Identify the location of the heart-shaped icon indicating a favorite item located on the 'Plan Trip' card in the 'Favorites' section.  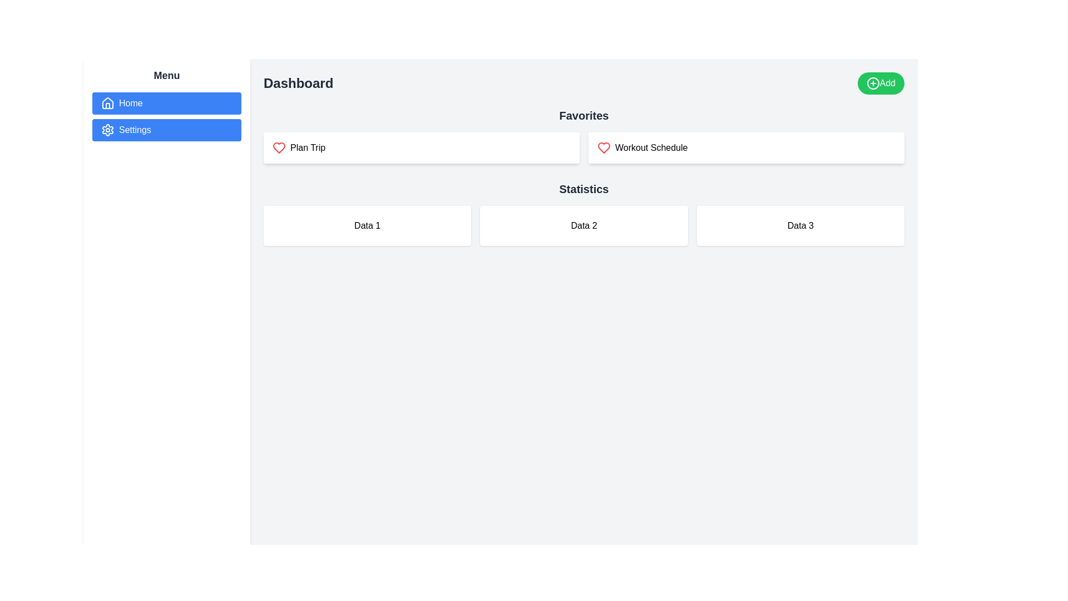
(279, 147).